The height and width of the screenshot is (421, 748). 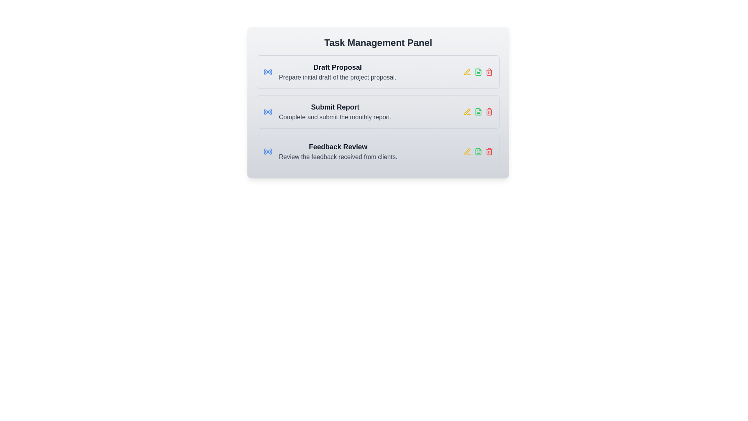 What do you see at coordinates (489, 111) in the screenshot?
I see `the delete task SVG icon located in the third row of the task management panel, to the right of the 'Submit Report' task description` at bounding box center [489, 111].